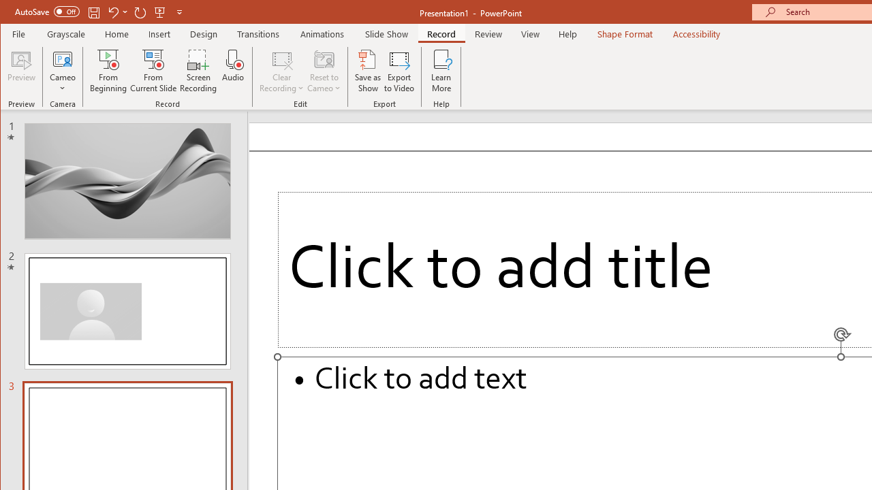 The width and height of the screenshot is (872, 490). I want to click on 'From Current Slide...', so click(153, 71).